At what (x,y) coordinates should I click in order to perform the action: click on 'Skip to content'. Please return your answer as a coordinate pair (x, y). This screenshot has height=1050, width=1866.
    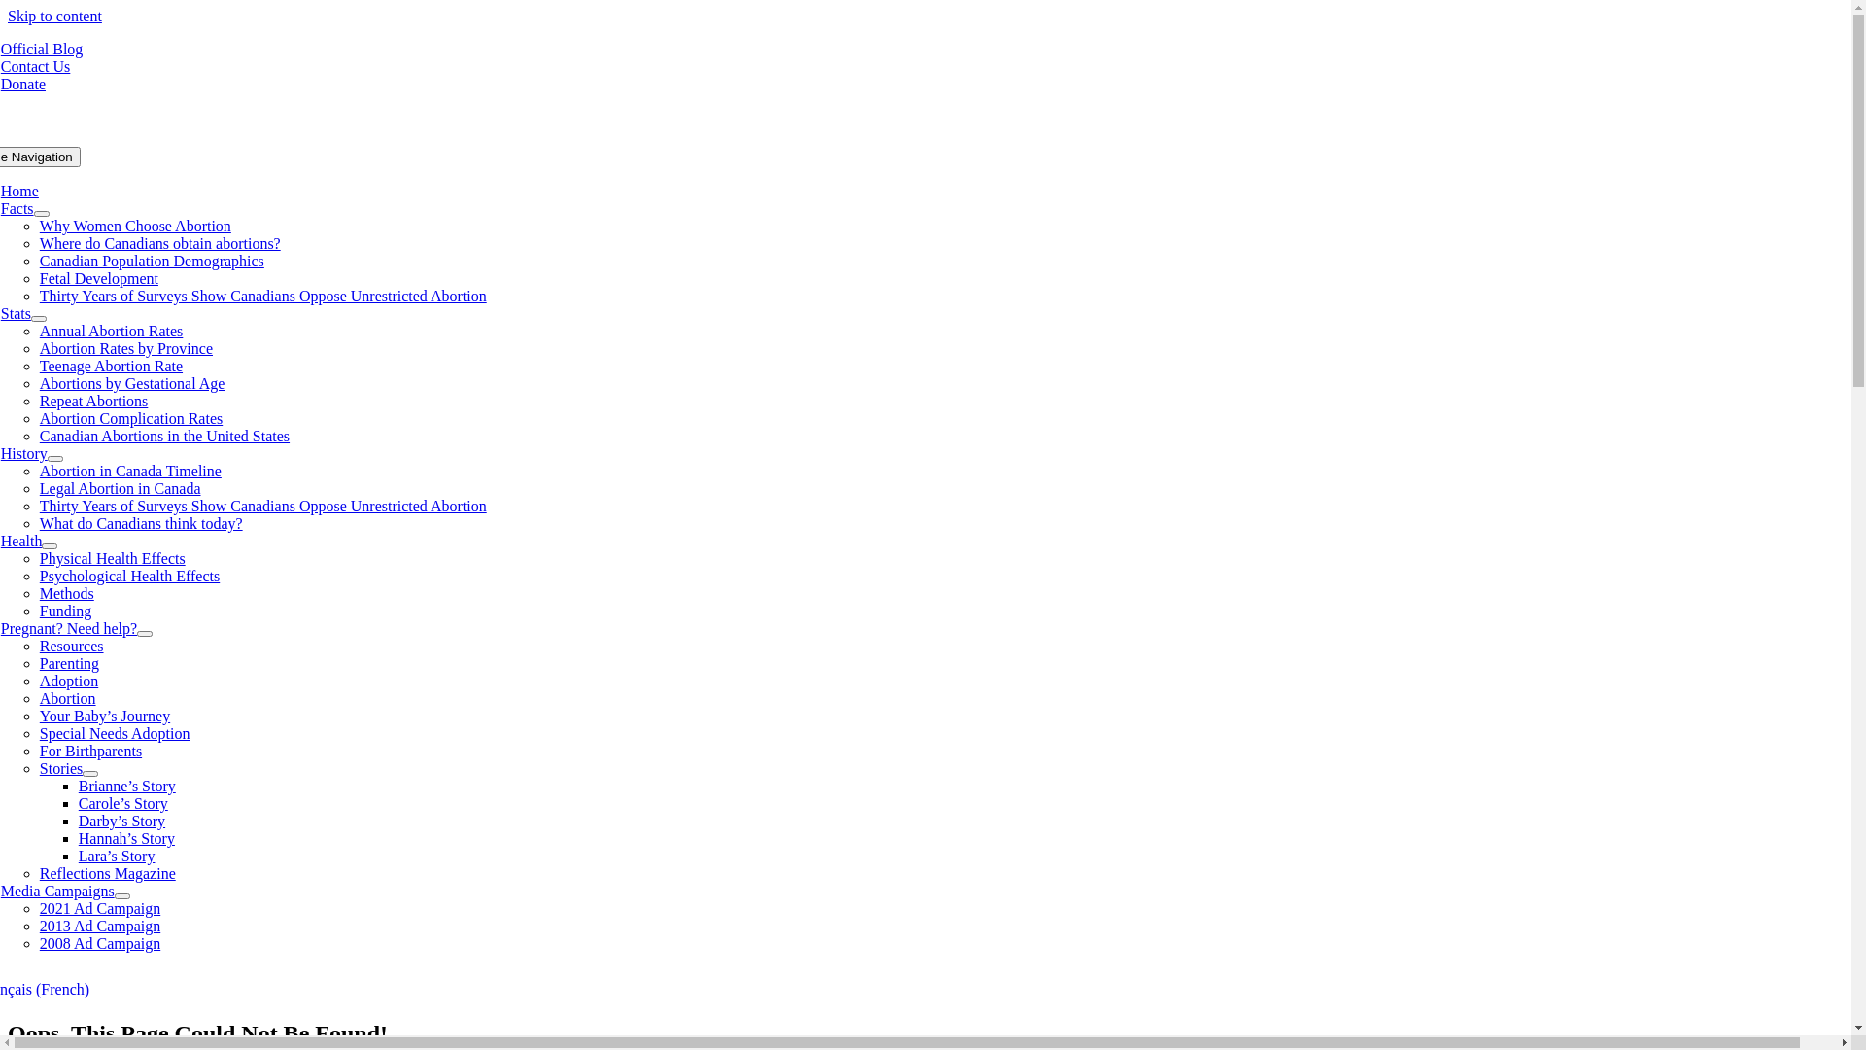
    Looking at the image, I should click on (54, 16).